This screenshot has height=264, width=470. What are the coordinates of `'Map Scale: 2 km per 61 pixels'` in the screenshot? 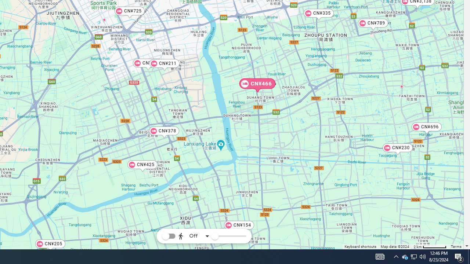 It's located at (430, 246).